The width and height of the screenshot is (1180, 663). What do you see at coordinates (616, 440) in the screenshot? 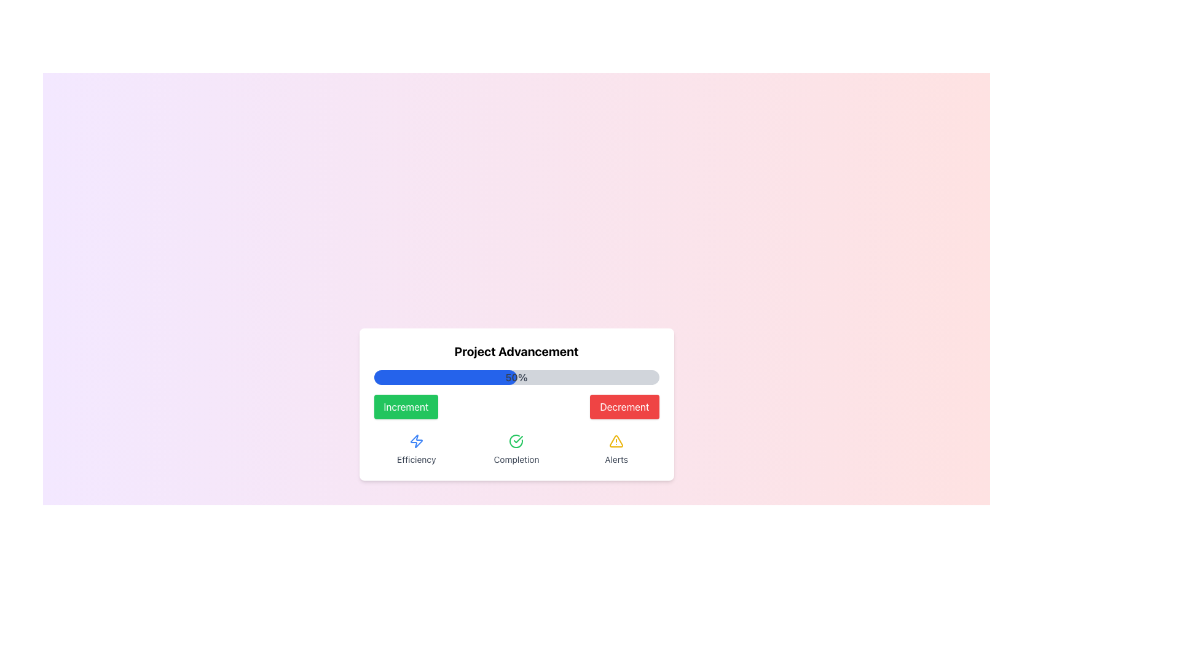
I see `the alert icon located at the bottom of the interface card, adjacent to the red 'Decrement' button and above the 'Alerts' label` at bounding box center [616, 440].